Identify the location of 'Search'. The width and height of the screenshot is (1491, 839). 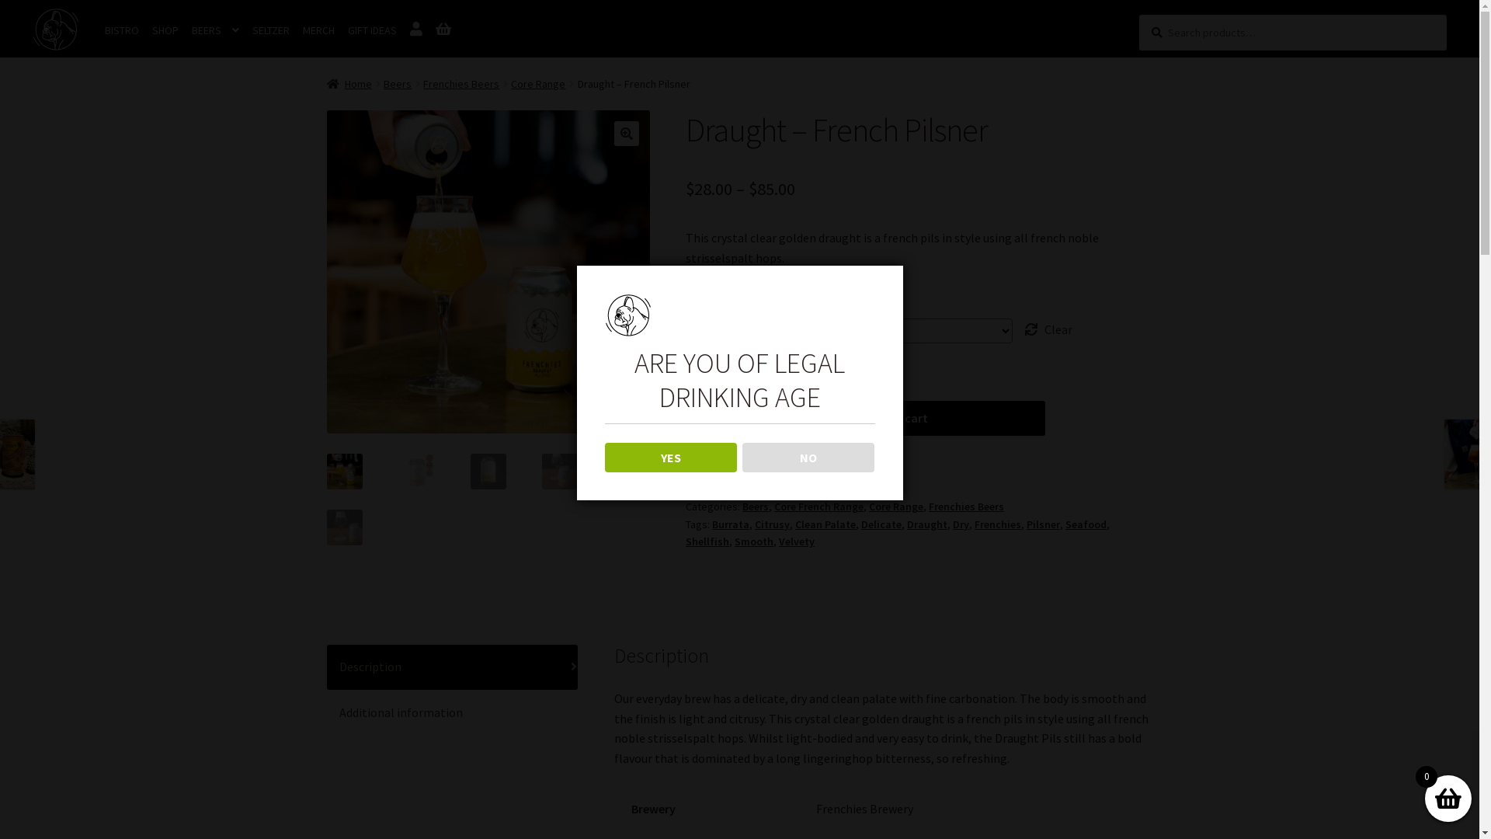
(1138, 14).